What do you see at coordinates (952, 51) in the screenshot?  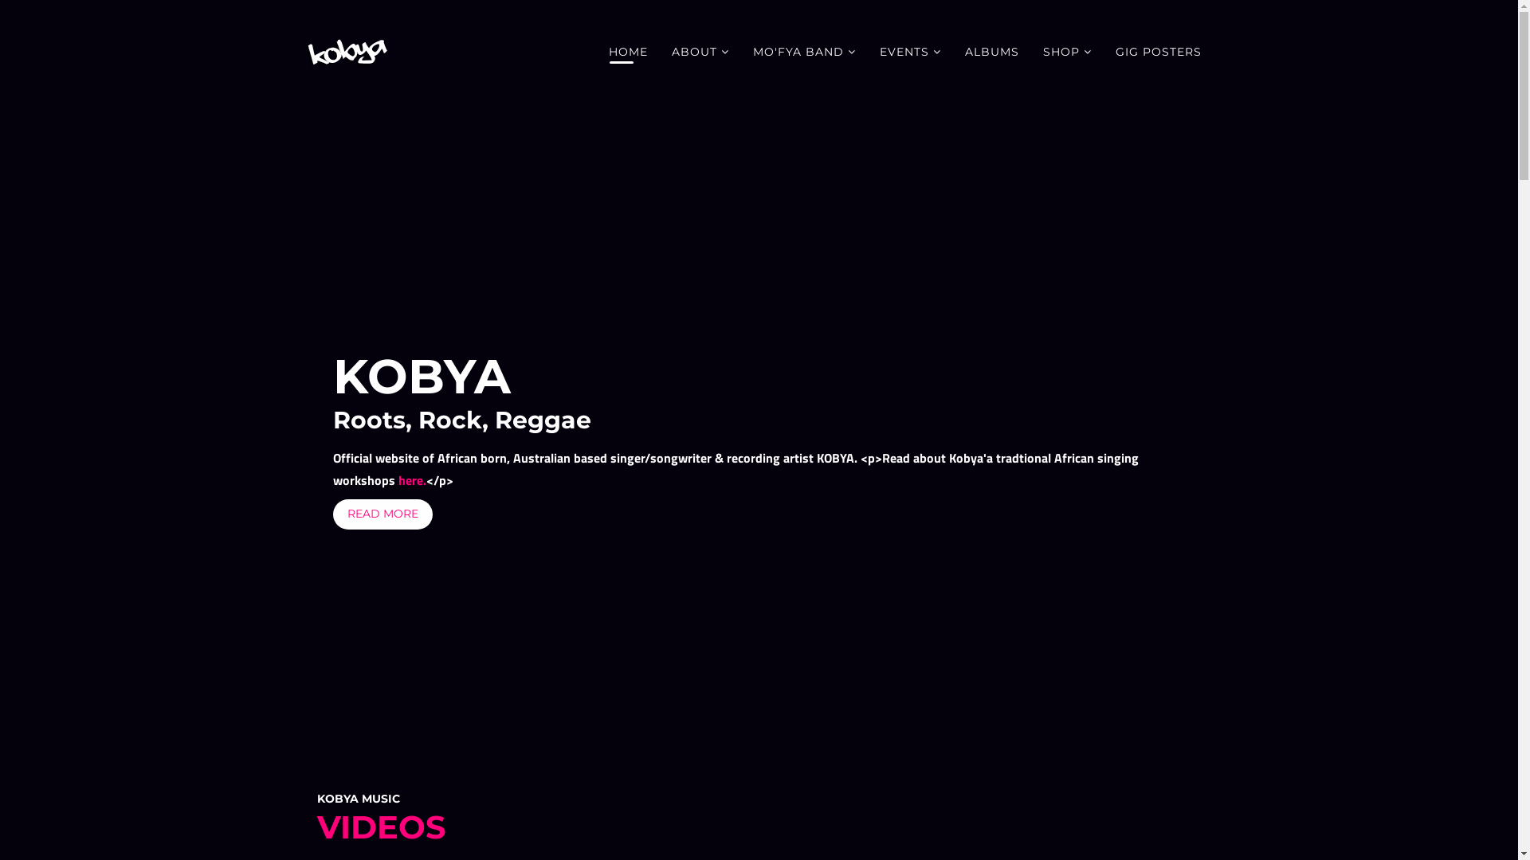 I see `'ALBUMS'` at bounding box center [952, 51].